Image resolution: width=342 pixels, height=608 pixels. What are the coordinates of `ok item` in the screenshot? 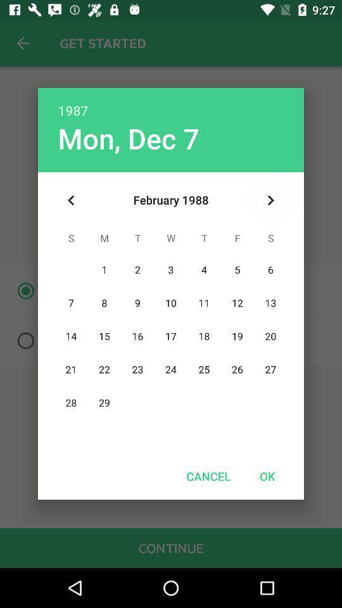 It's located at (267, 476).